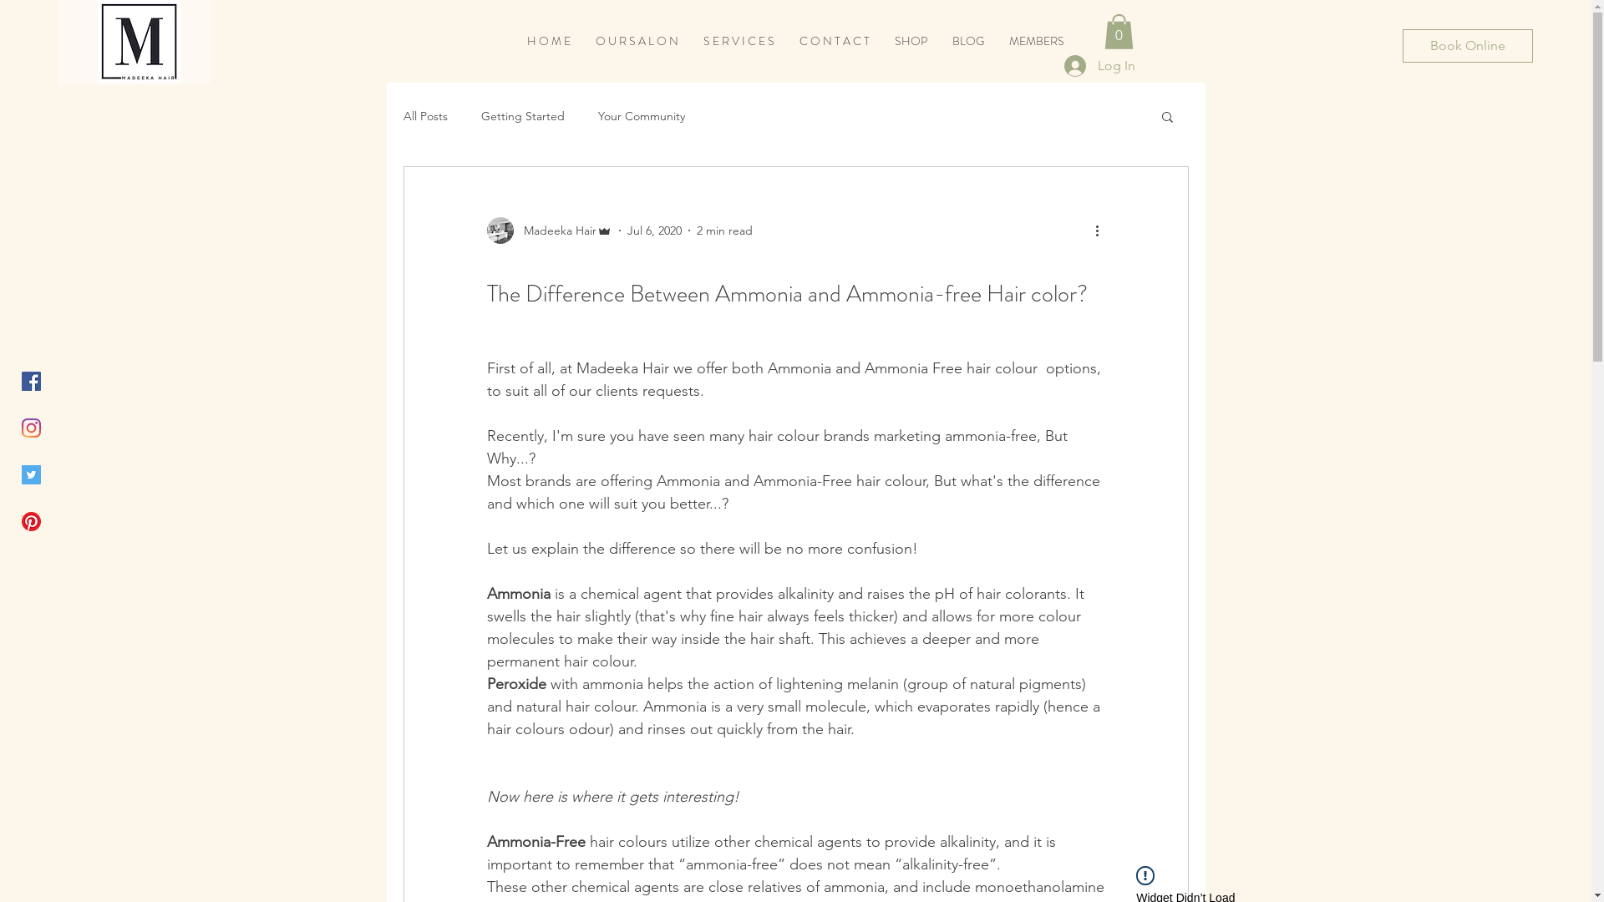 The image size is (1604, 902). Describe the element at coordinates (738, 40) in the screenshot. I see `'S E R V I C E S'` at that location.